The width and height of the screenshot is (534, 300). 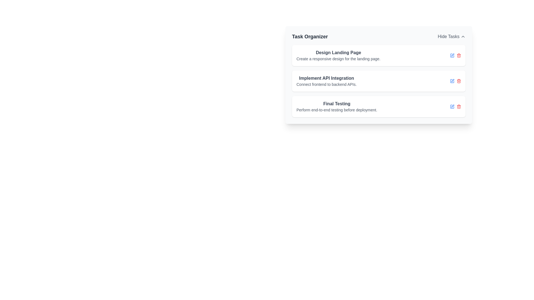 I want to click on the upward-pointing chevron arrow icon located to the right of the 'Hide Tasks' text in the 'Task Organizer', so click(x=463, y=36).